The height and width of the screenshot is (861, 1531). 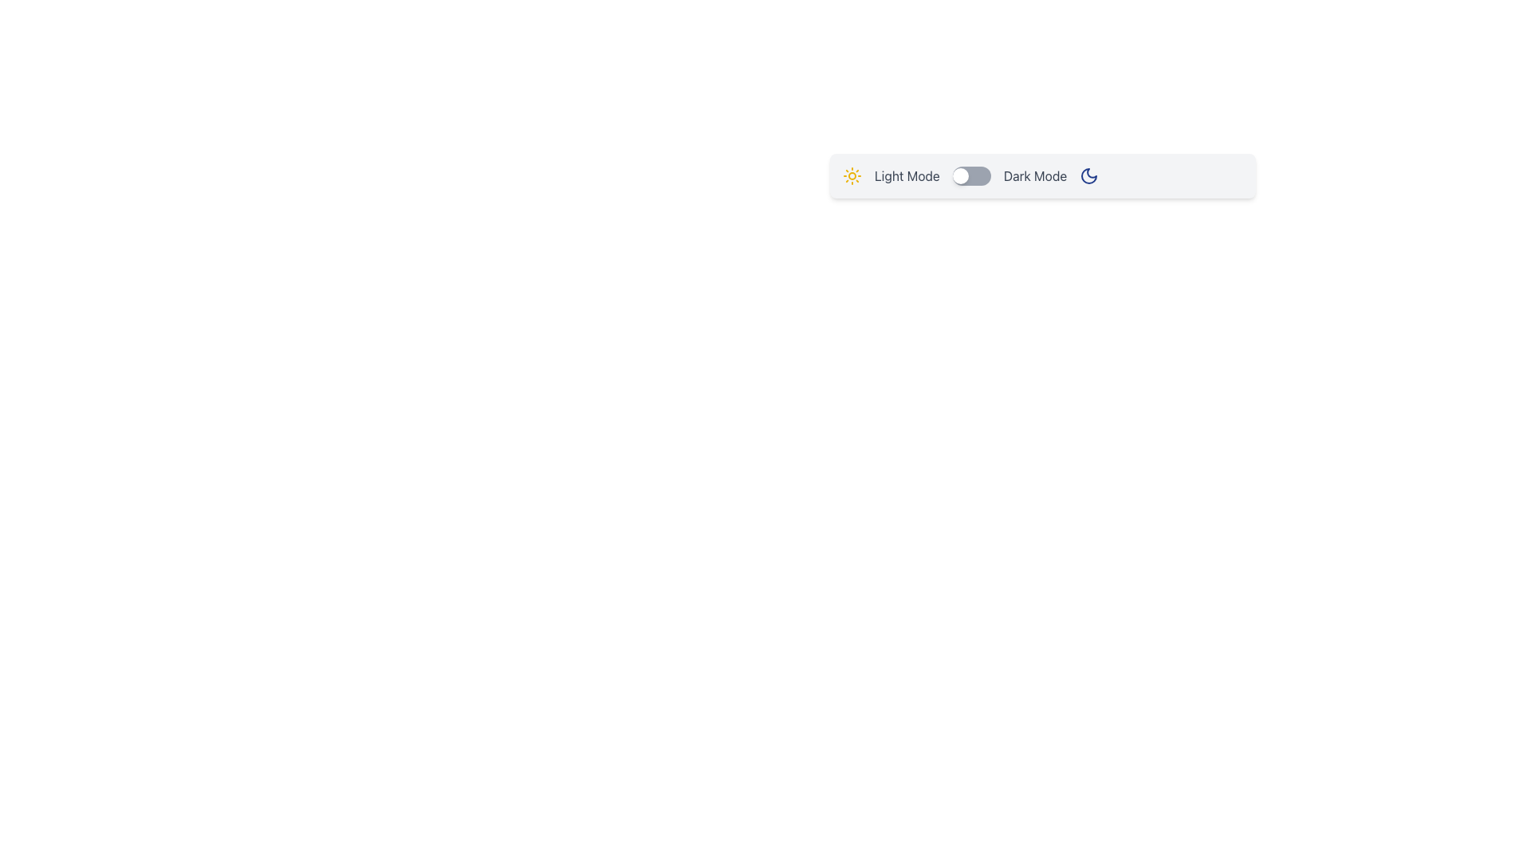 I want to click on the crescent moon icon used for toggling dark mode, located in the upper-right section of the interface next to the 'Dark Mode' text label, so click(x=1088, y=175).